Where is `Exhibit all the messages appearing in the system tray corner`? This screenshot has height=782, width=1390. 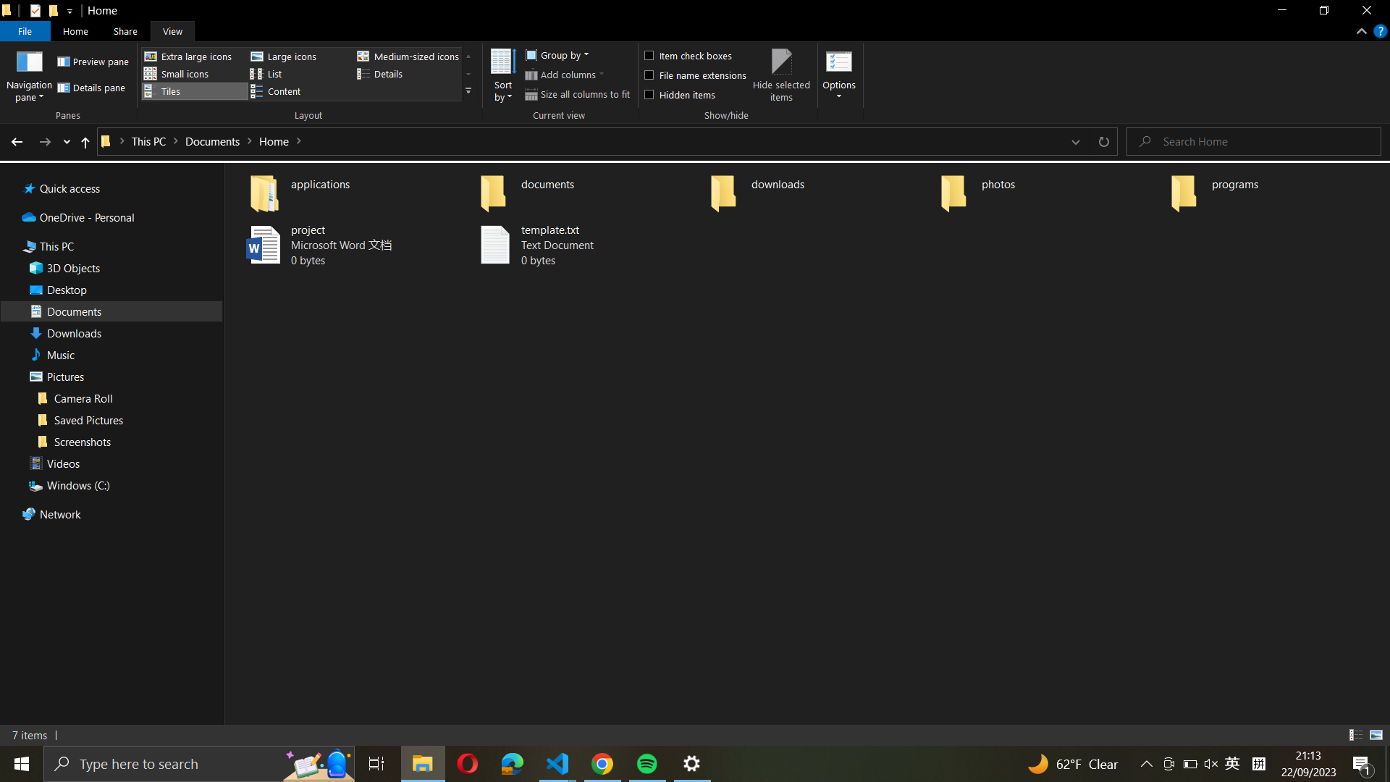 Exhibit all the messages appearing in the system tray corner is located at coordinates (1362, 763).